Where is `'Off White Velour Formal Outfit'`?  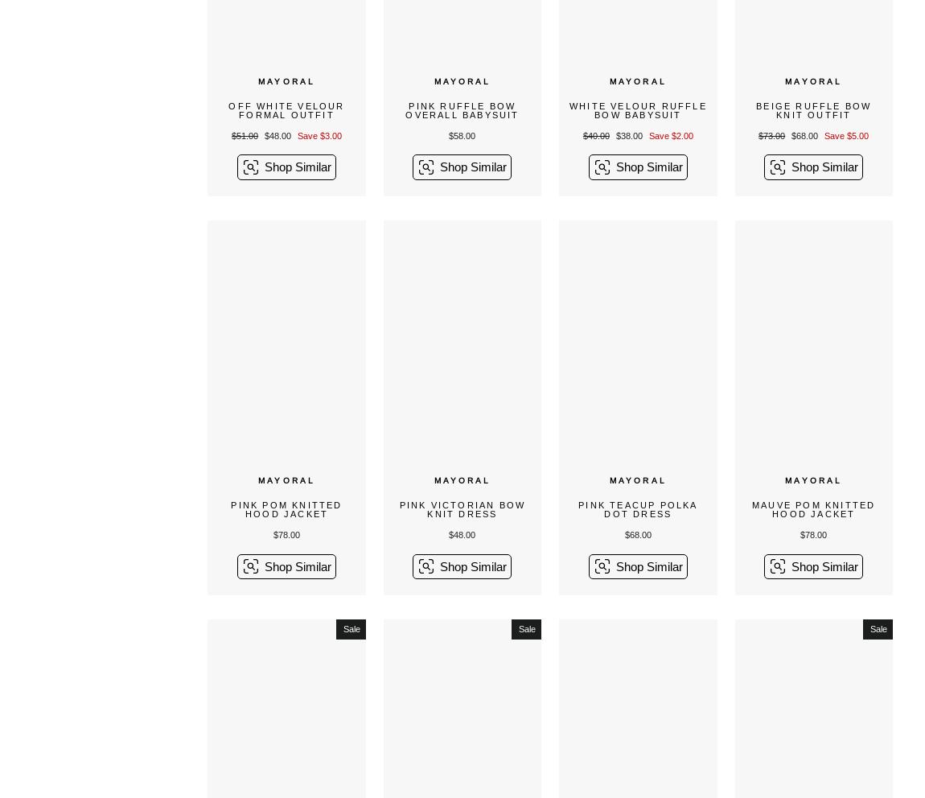
'Off White Velour Formal Outfit' is located at coordinates (286, 109).